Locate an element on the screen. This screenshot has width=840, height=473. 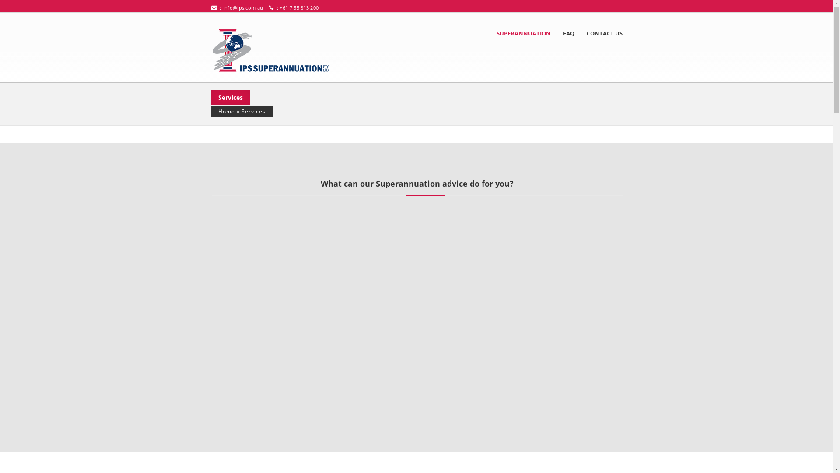
'Home' is located at coordinates (226, 111).